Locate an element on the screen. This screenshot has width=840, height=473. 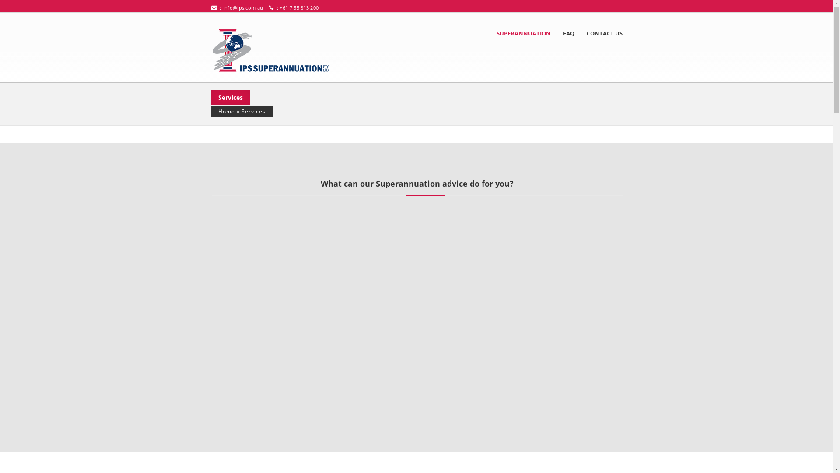
'Home' is located at coordinates (226, 111).